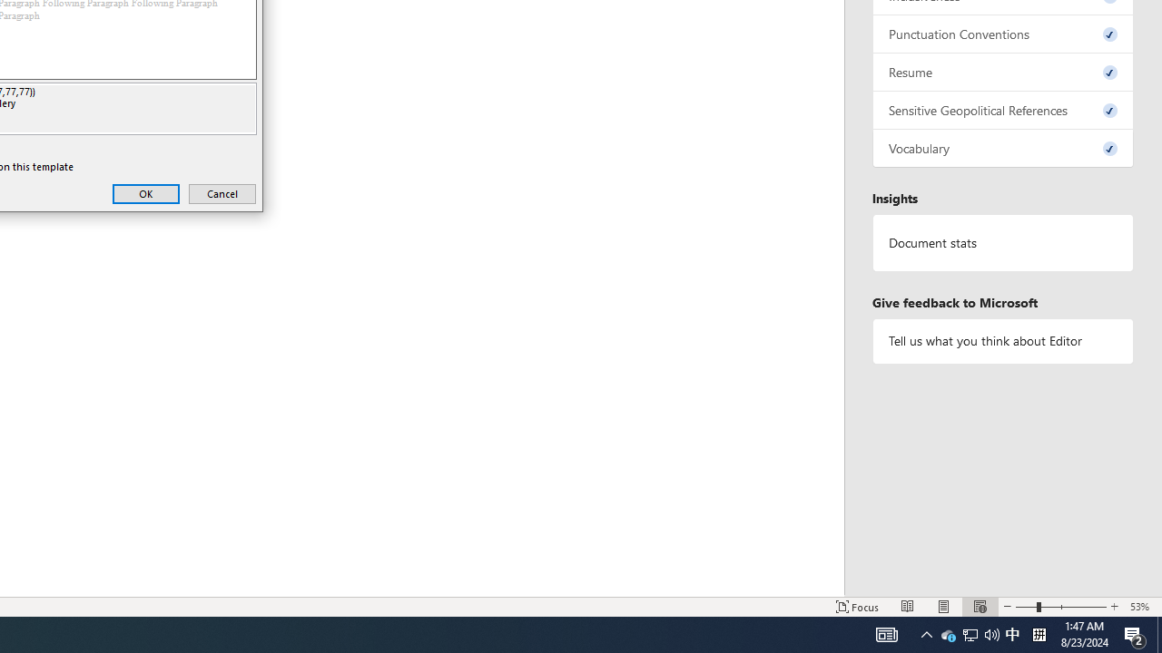  I want to click on 'User Promoted Notification Area', so click(1011, 633).